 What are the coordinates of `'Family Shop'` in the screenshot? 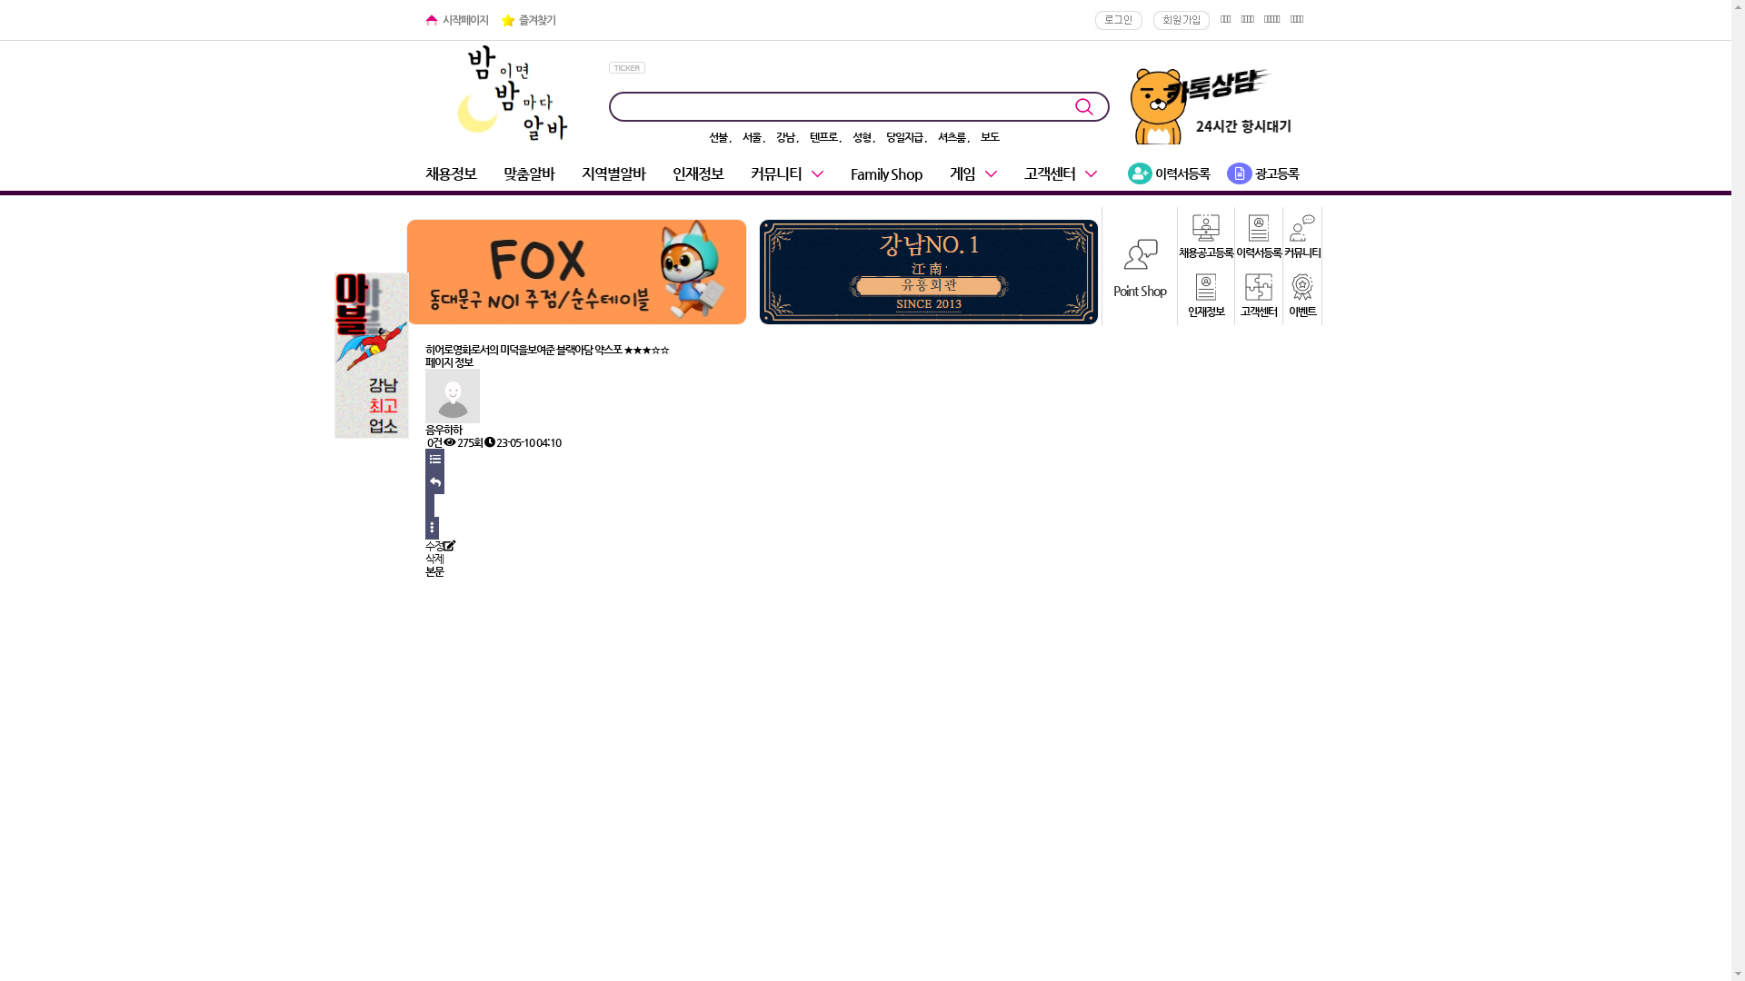 It's located at (886, 173).